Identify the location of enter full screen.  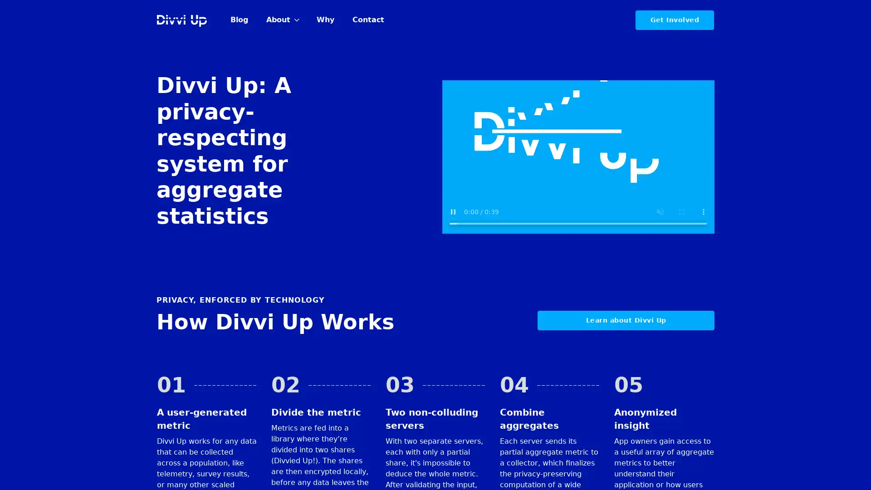
(681, 211).